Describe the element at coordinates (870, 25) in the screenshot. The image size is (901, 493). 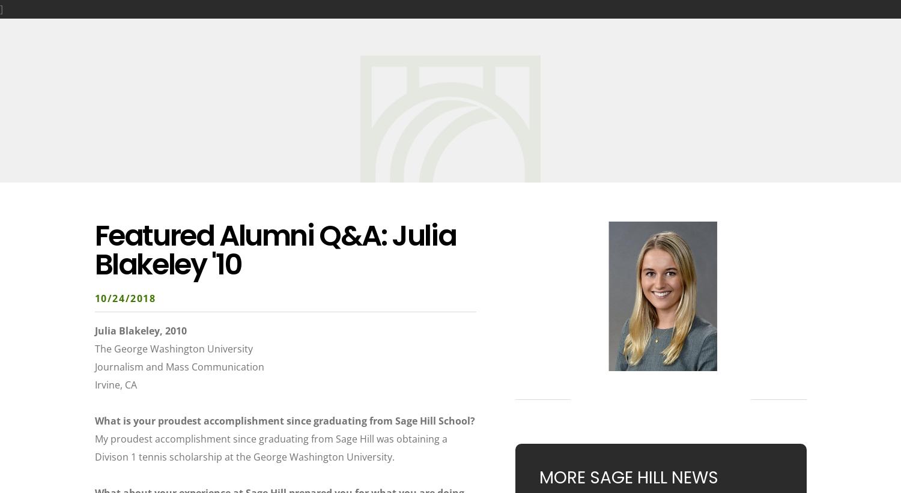
I see `'Portal'` at that location.